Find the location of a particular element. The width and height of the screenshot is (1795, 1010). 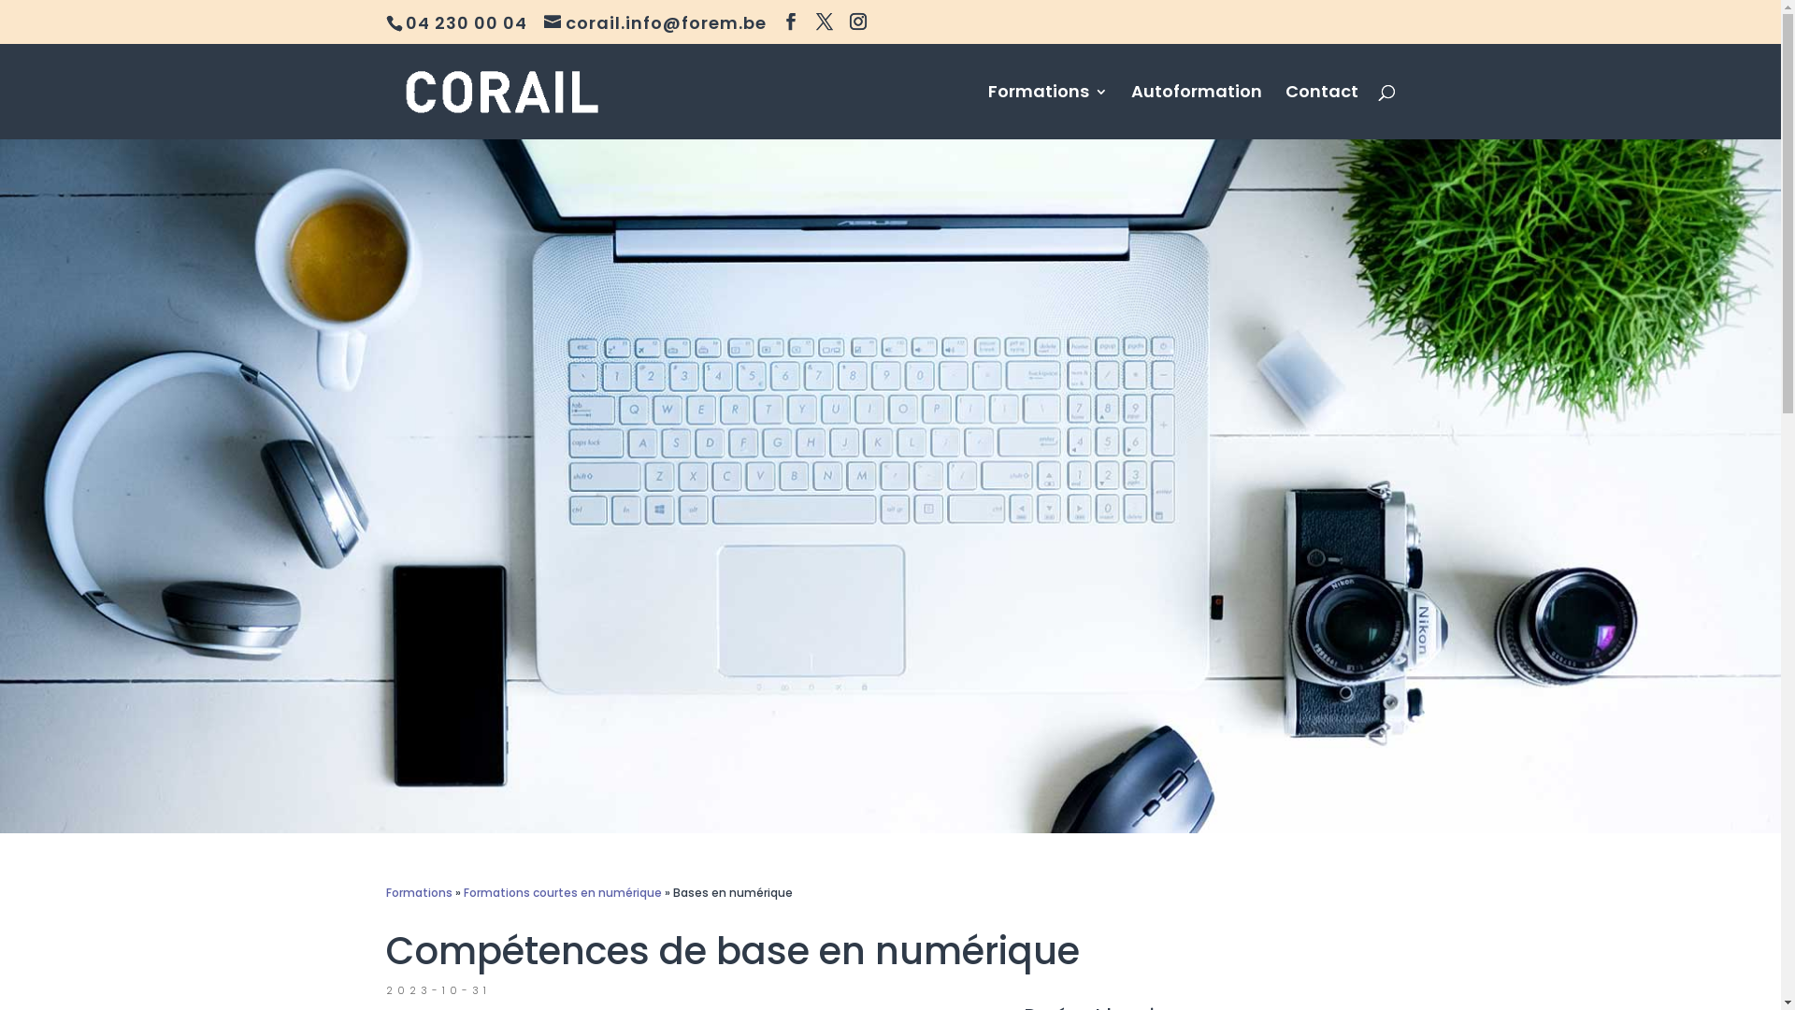

'Contact' is located at coordinates (1319, 111).